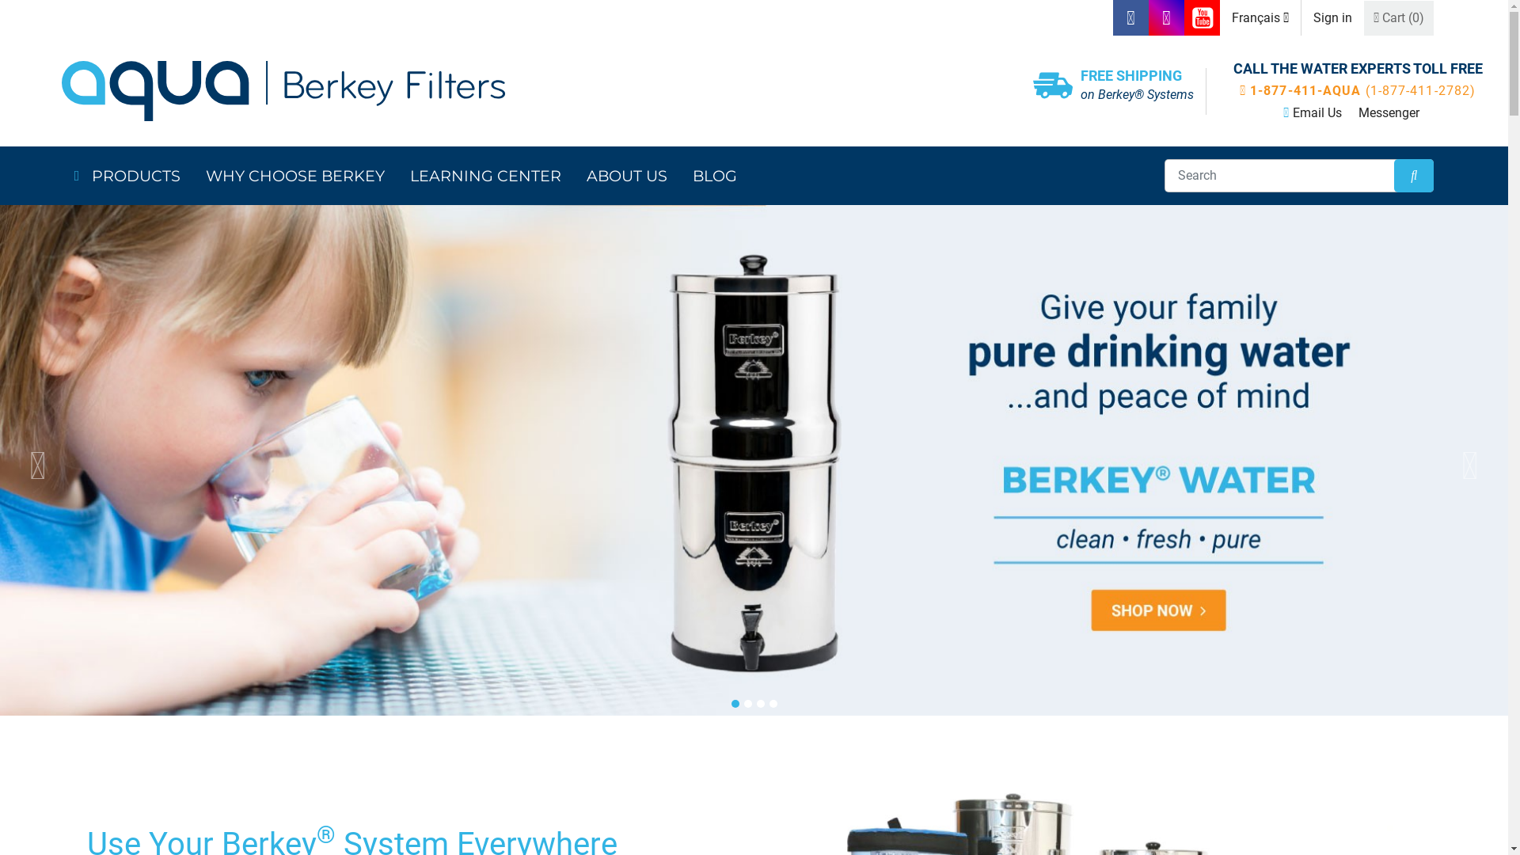 The width and height of the screenshot is (1520, 855). What do you see at coordinates (1388, 112) in the screenshot?
I see `'Messenger'` at bounding box center [1388, 112].